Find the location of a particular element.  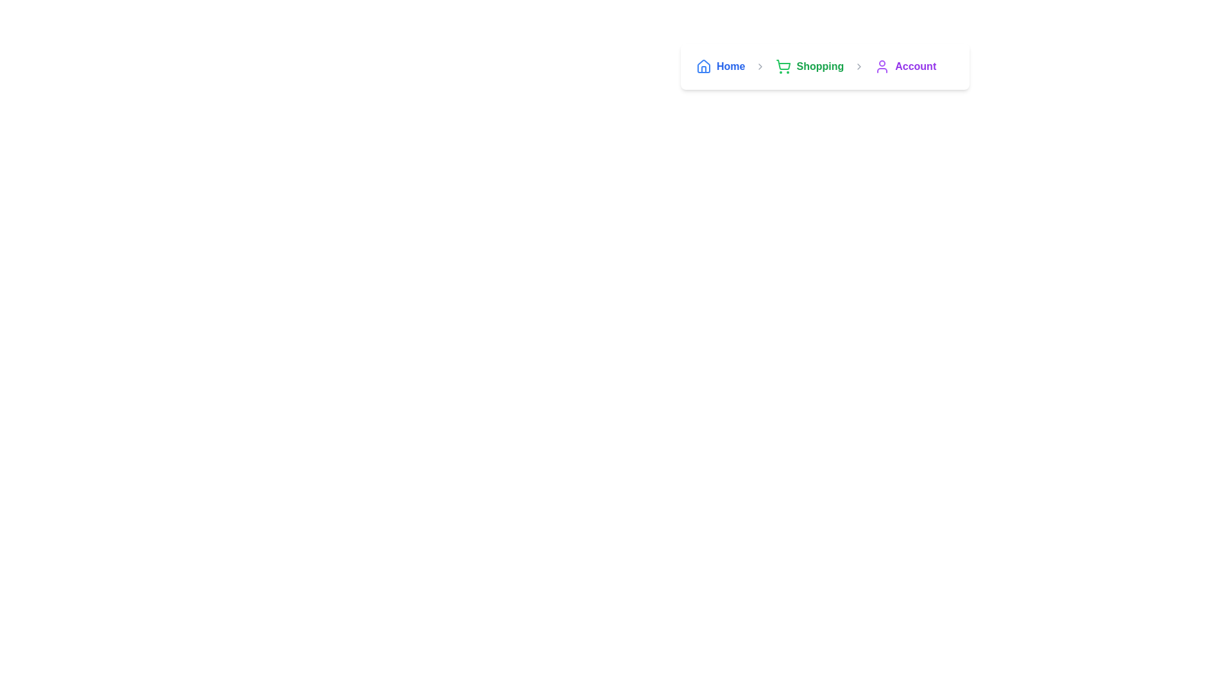

the green shopping cart SVG icon located in the breadcrumb navigation bar next to the 'Shopping' text is located at coordinates (783, 67).